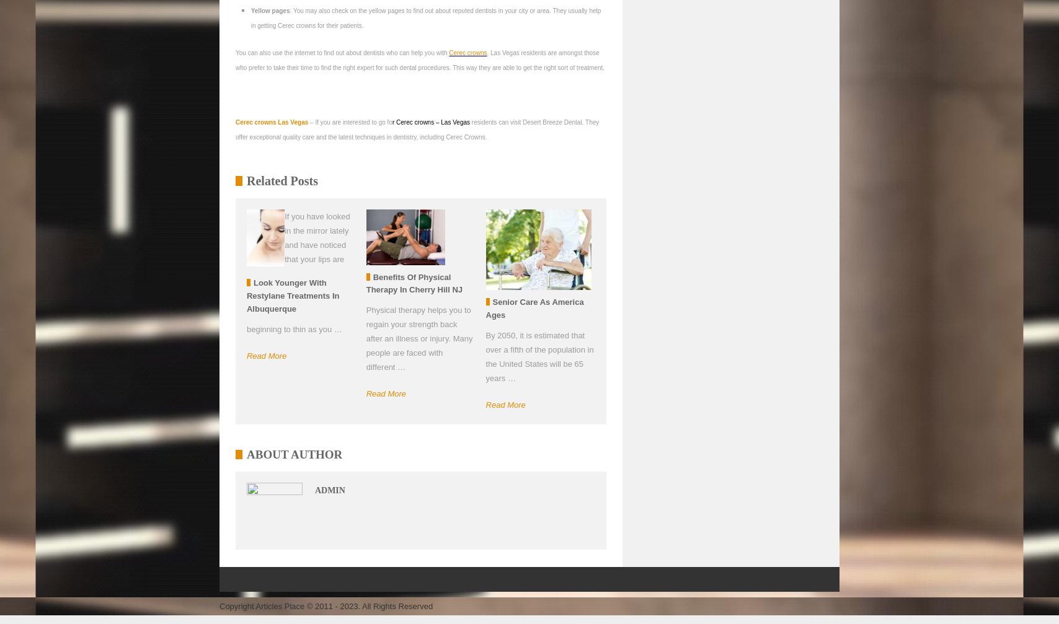 The image size is (1059, 624). What do you see at coordinates (342, 53) in the screenshot?
I see `'You can also use the internet to find out about dentists who can help you with'` at bounding box center [342, 53].